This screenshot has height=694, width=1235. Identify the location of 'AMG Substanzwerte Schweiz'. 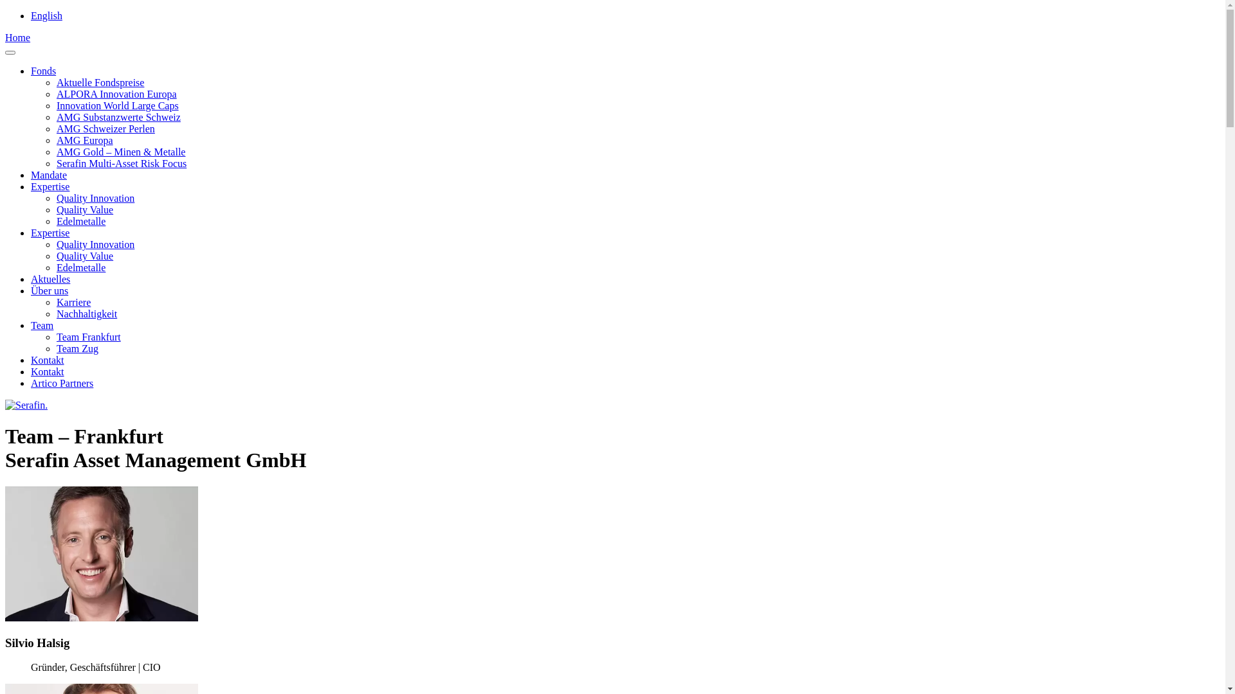
(118, 117).